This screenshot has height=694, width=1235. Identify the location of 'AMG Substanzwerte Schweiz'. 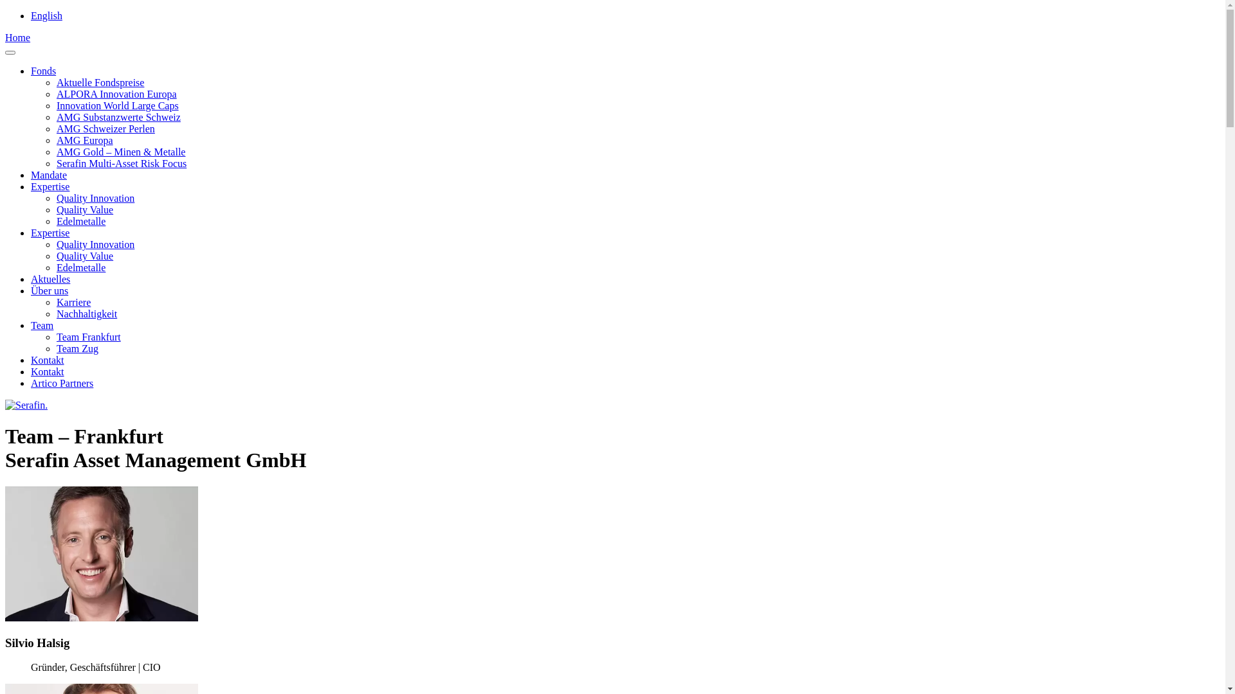
(118, 117).